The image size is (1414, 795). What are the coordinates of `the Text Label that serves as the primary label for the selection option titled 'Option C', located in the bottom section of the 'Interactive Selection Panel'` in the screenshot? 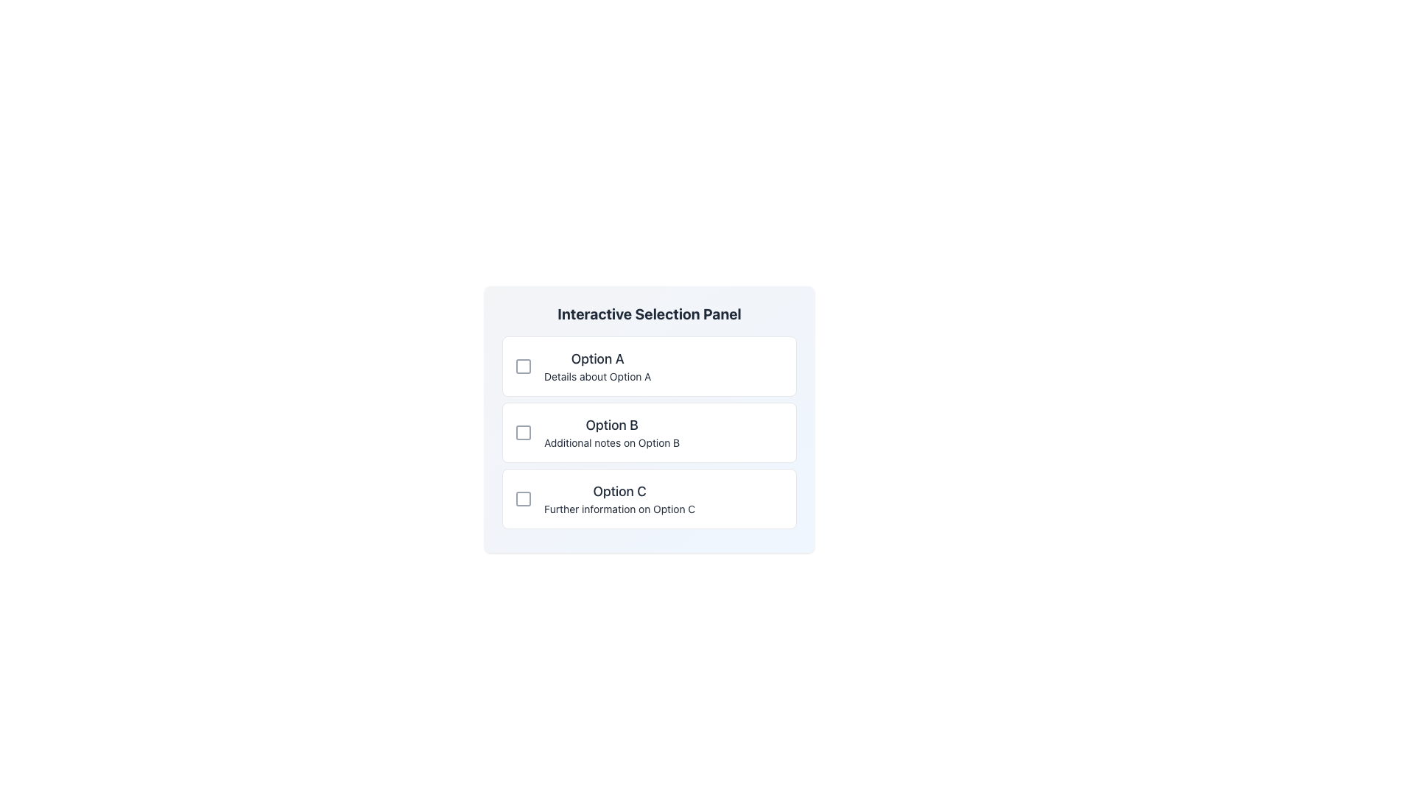 It's located at (619, 491).